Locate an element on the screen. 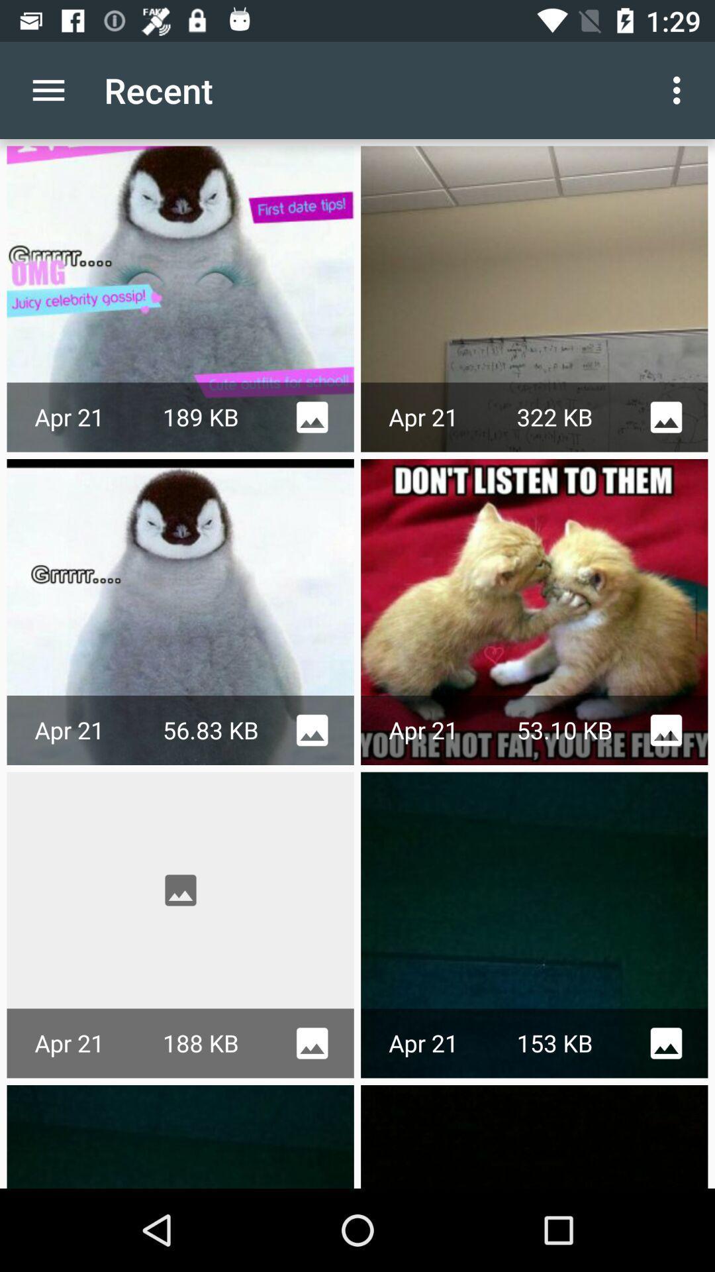 This screenshot has width=715, height=1272. item to the left of recent icon is located at coordinates (48, 89).